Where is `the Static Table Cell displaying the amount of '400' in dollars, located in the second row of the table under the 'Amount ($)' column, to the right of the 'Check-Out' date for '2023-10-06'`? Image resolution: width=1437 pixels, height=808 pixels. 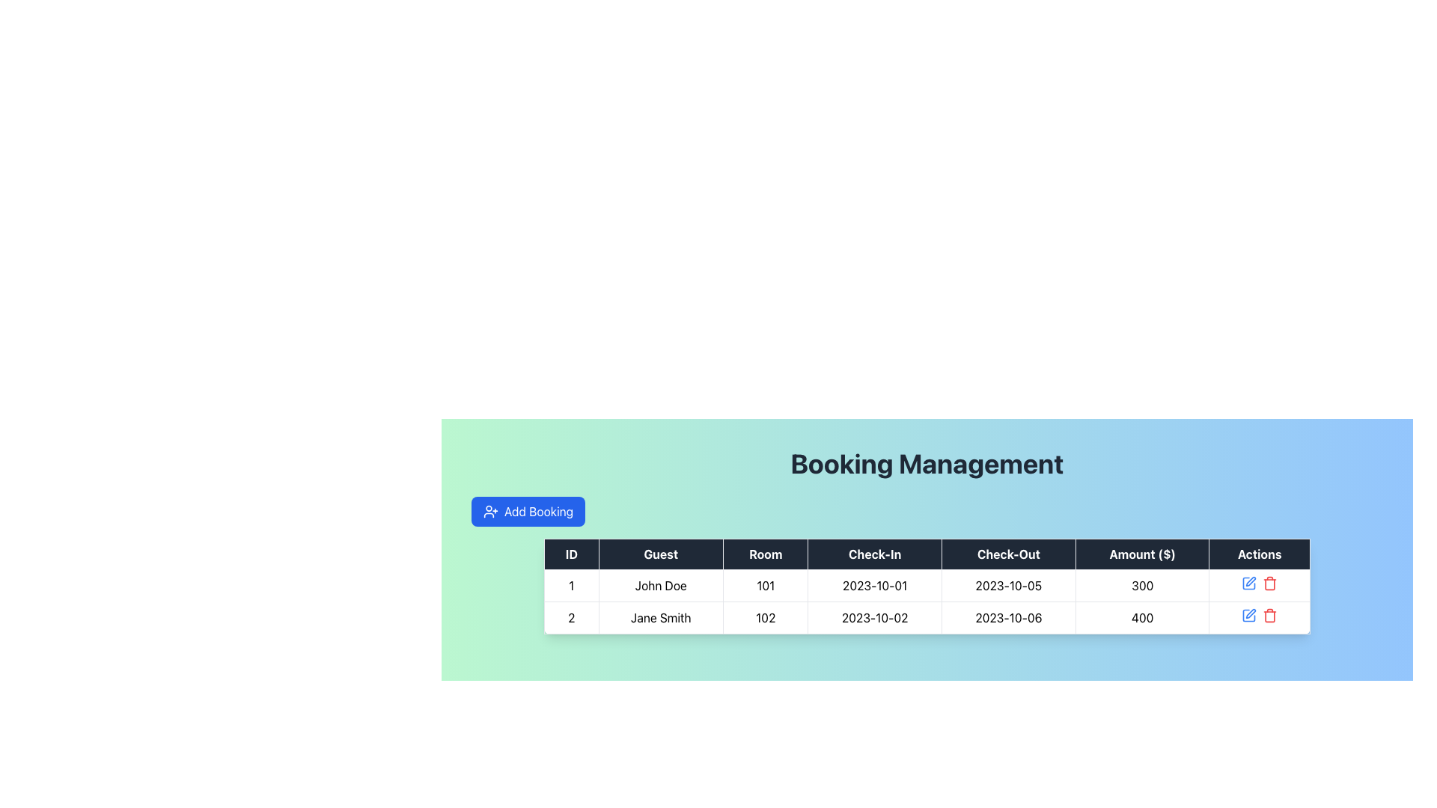
the Static Table Cell displaying the amount of '400' in dollars, located in the second row of the table under the 'Amount ($)' column, to the right of the 'Check-Out' date for '2023-10-06' is located at coordinates (1141, 617).